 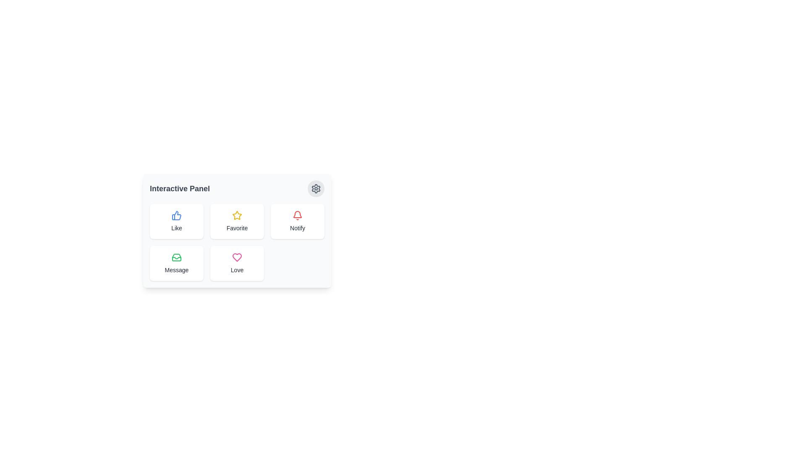 I want to click on the non-interactive text label displaying 'Favorite', which is styled in gray and located beneath the yellow star icon, so click(x=237, y=228).